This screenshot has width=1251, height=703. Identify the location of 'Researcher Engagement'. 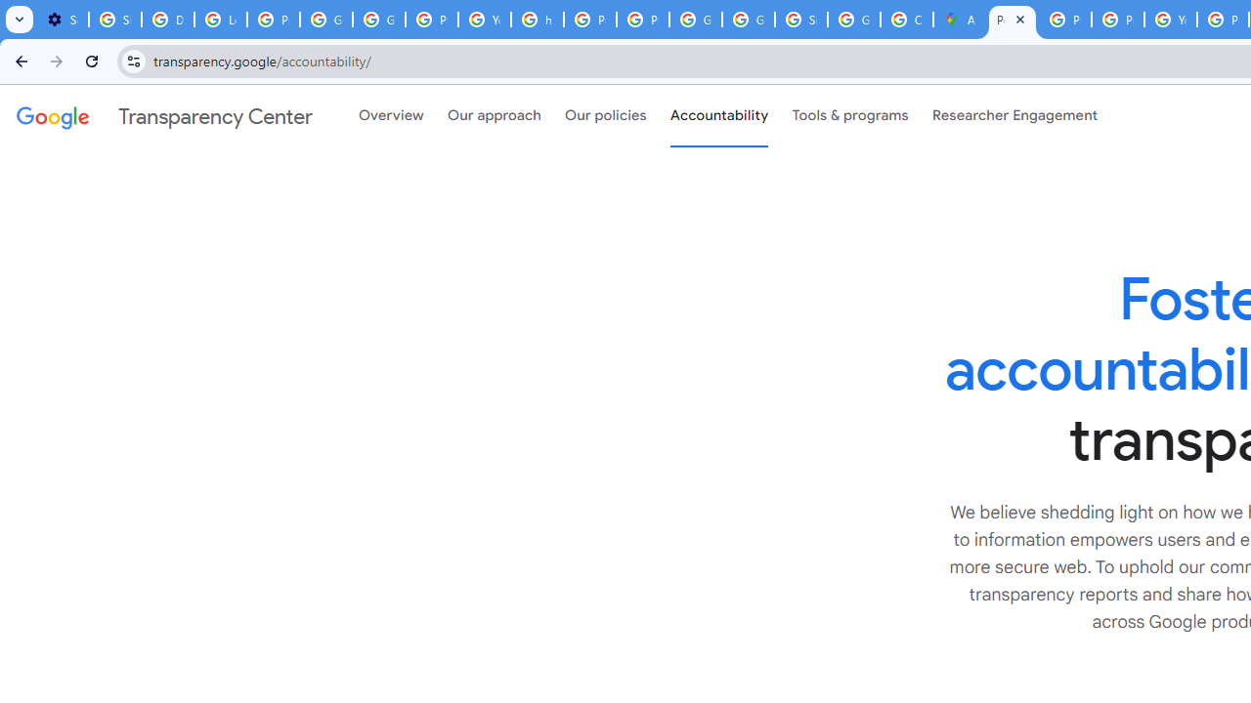
(1014, 116).